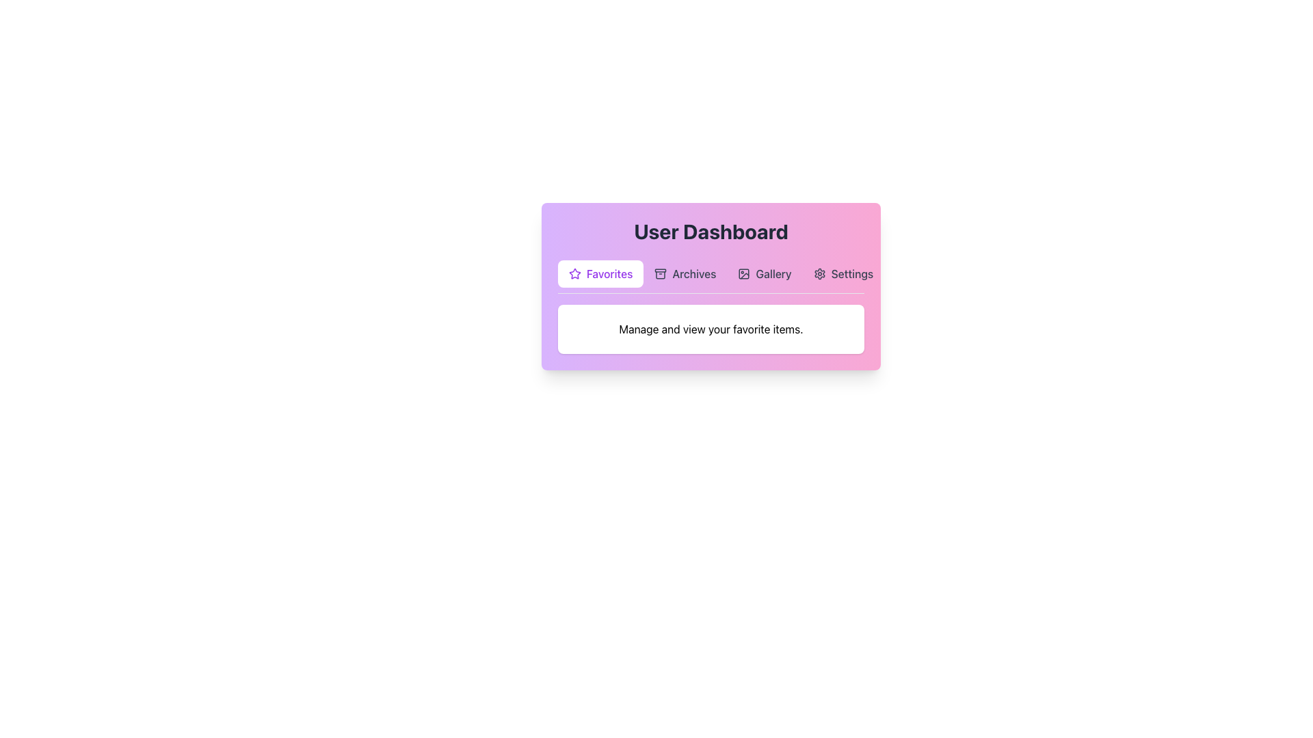  What do you see at coordinates (661, 274) in the screenshot?
I see `the SVG icon located within the 'Archives' menu option, which is styled with a dark color and is positioned to the left of the label 'Archives' in the horizontal navigation bar of the 'User Dashboard'` at bounding box center [661, 274].